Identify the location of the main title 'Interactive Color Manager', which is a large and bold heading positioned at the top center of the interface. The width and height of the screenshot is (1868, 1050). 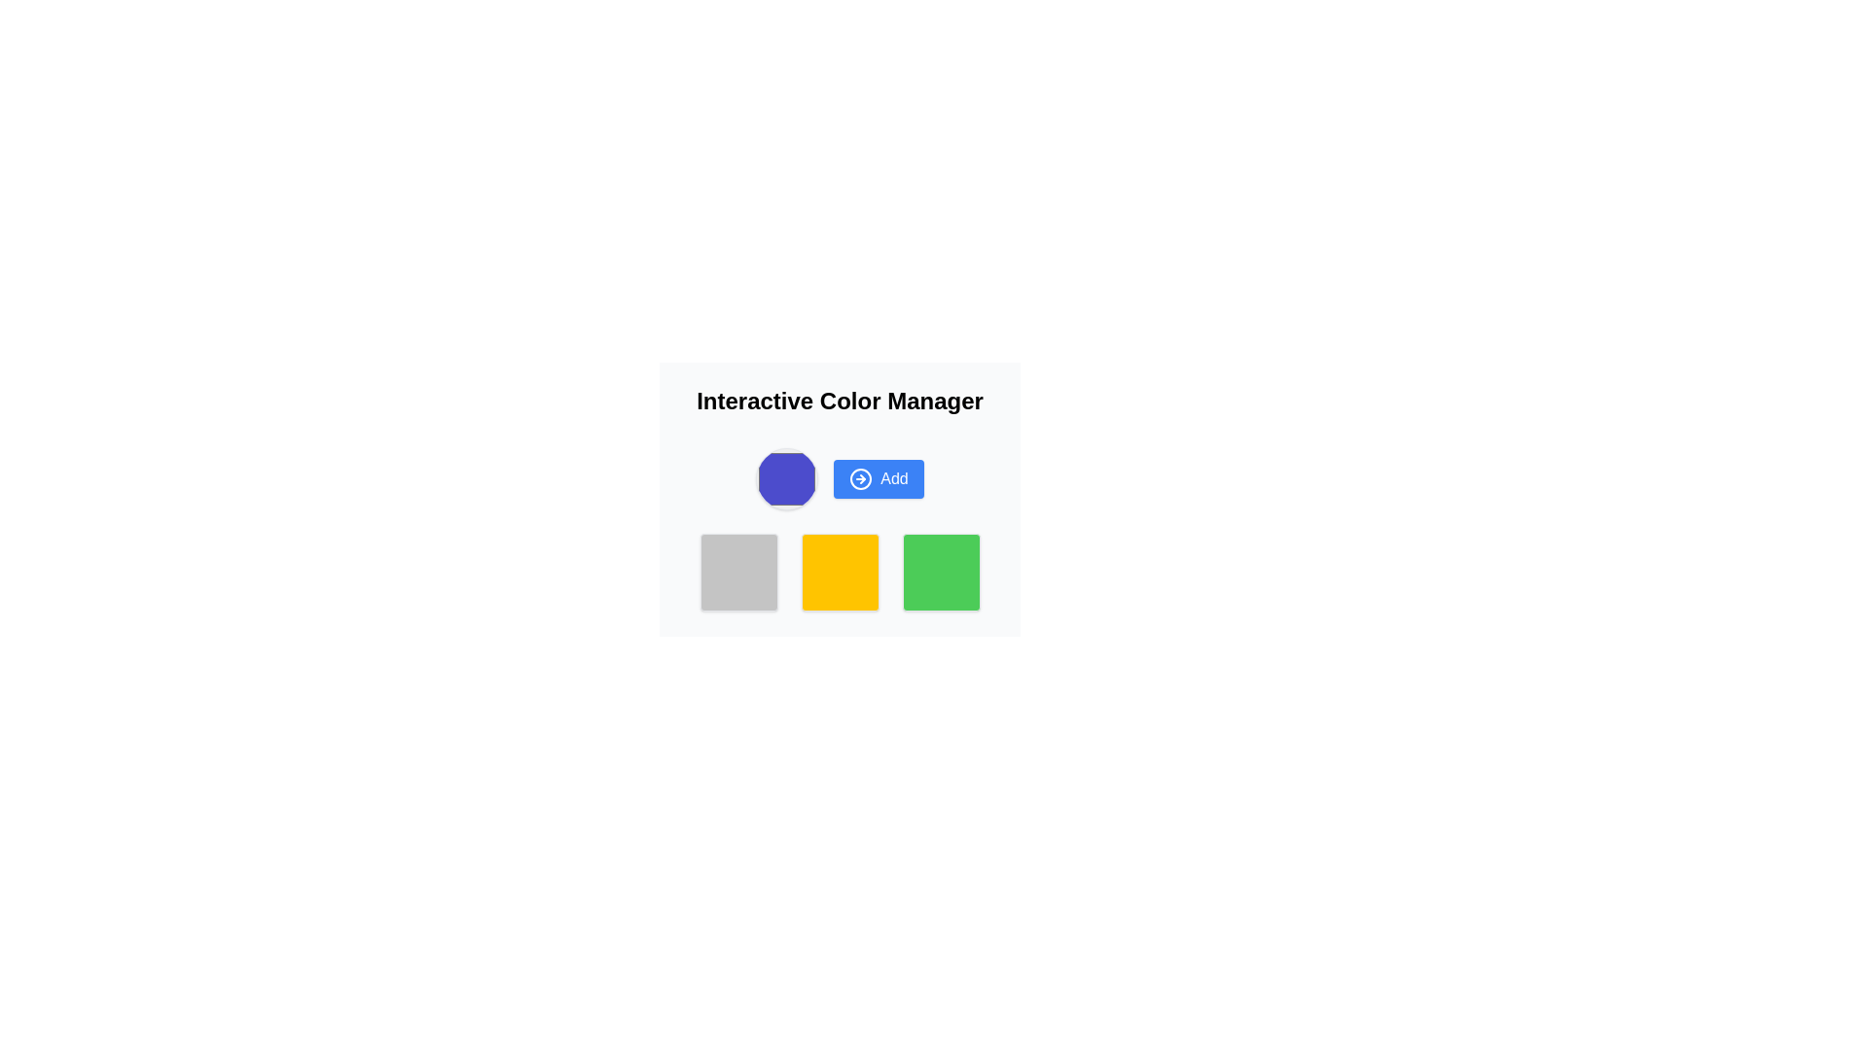
(840, 400).